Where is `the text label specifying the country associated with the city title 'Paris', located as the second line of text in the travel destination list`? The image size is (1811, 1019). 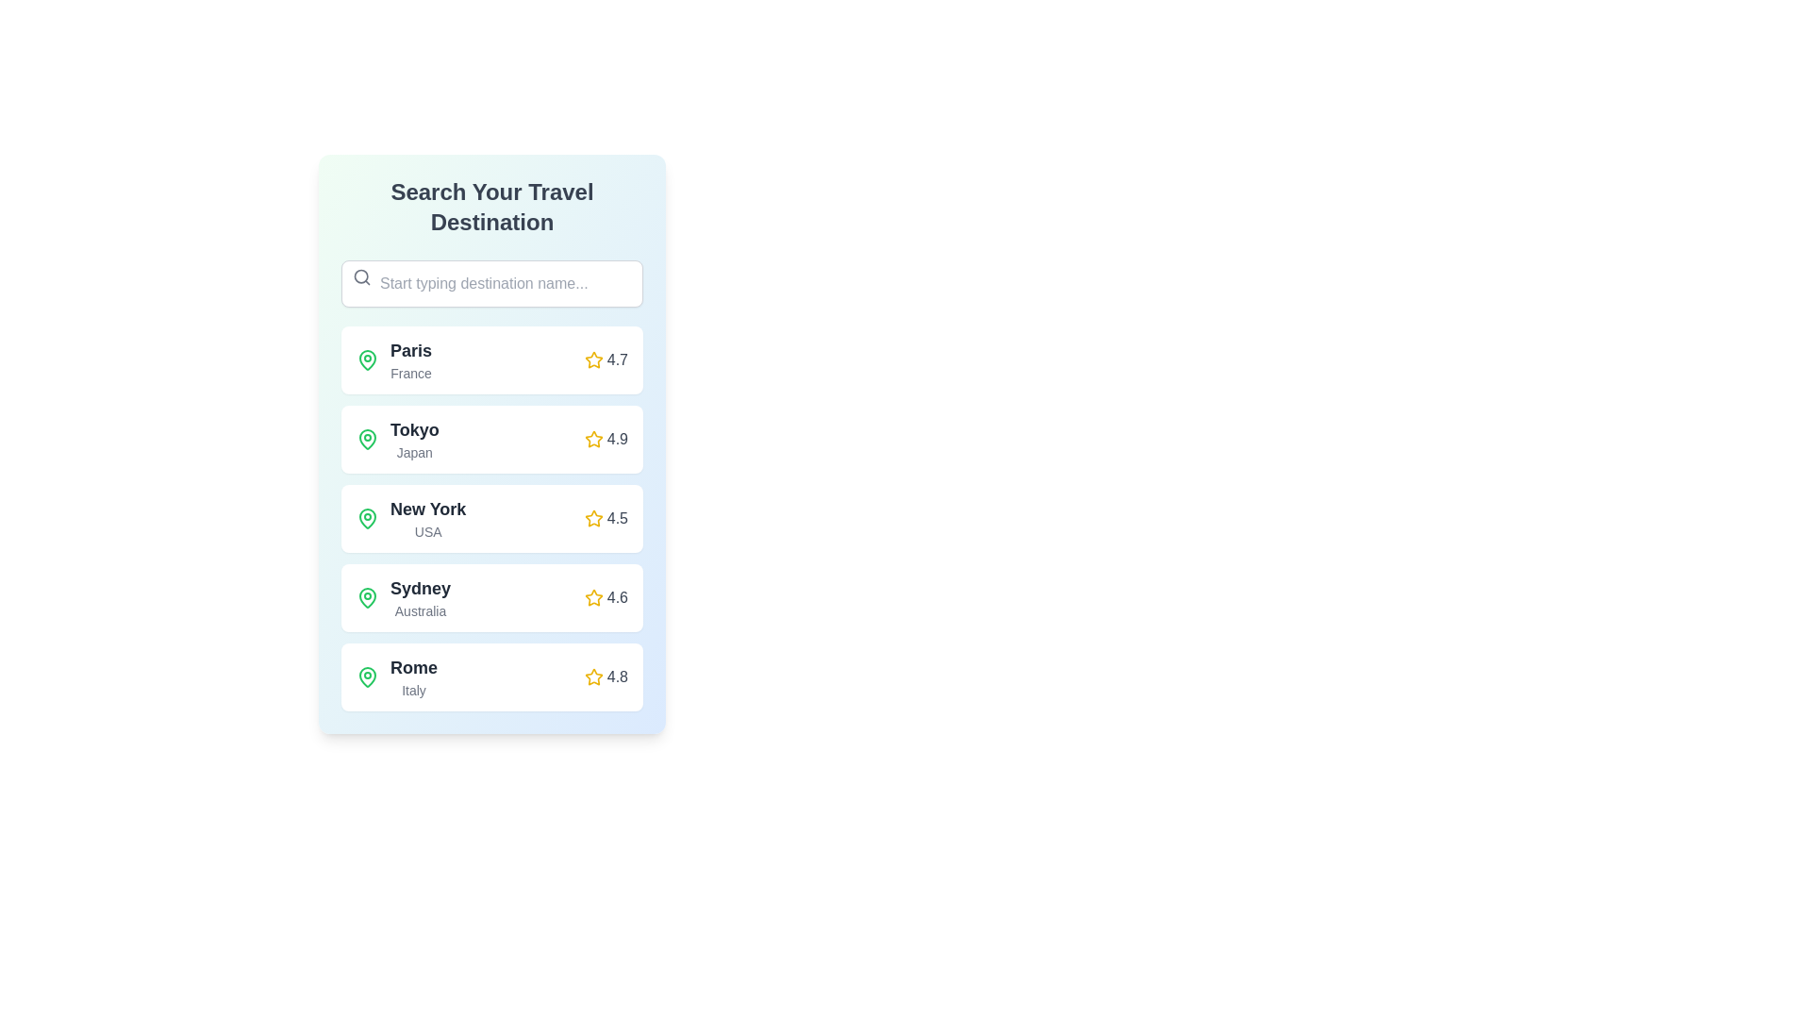
the text label specifying the country associated with the city title 'Paris', located as the second line of text in the travel destination list is located at coordinates (410, 374).